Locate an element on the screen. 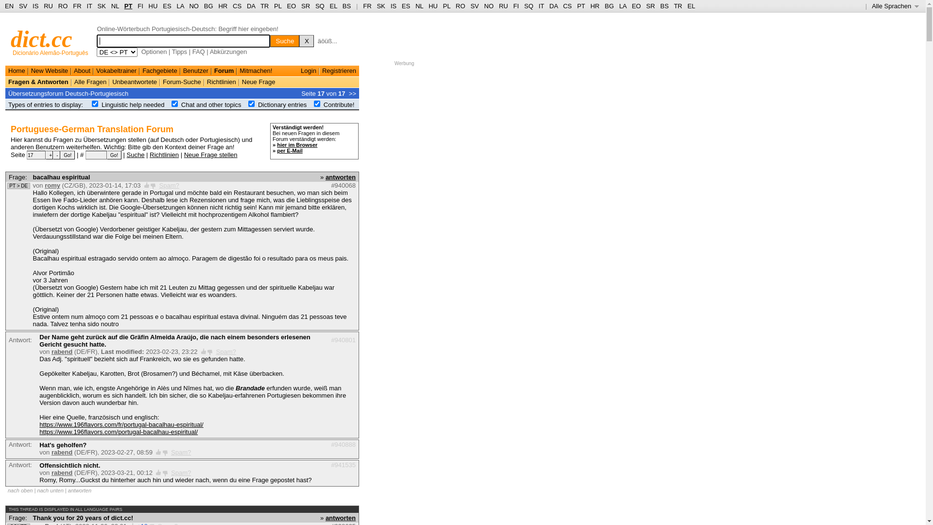 The image size is (933, 525). 'Alle Sprachen ' is located at coordinates (895, 6).